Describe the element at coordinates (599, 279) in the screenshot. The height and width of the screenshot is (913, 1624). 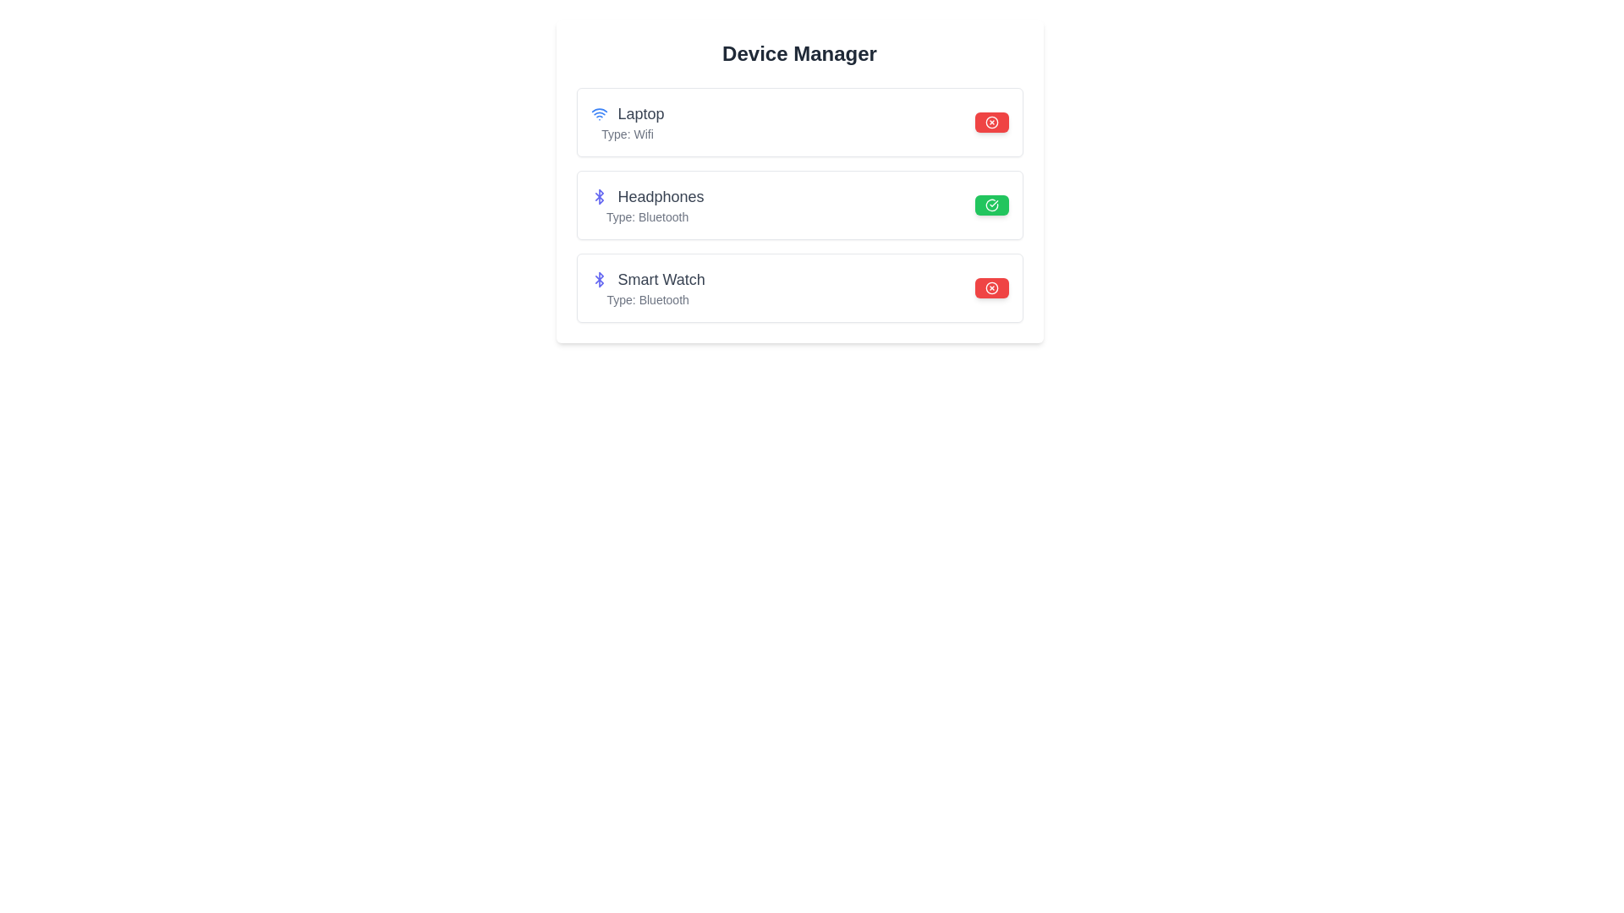
I see `the Bluetooth icon with a blue outline located to the left of the 'Smart Watch' text in the devices list` at that location.